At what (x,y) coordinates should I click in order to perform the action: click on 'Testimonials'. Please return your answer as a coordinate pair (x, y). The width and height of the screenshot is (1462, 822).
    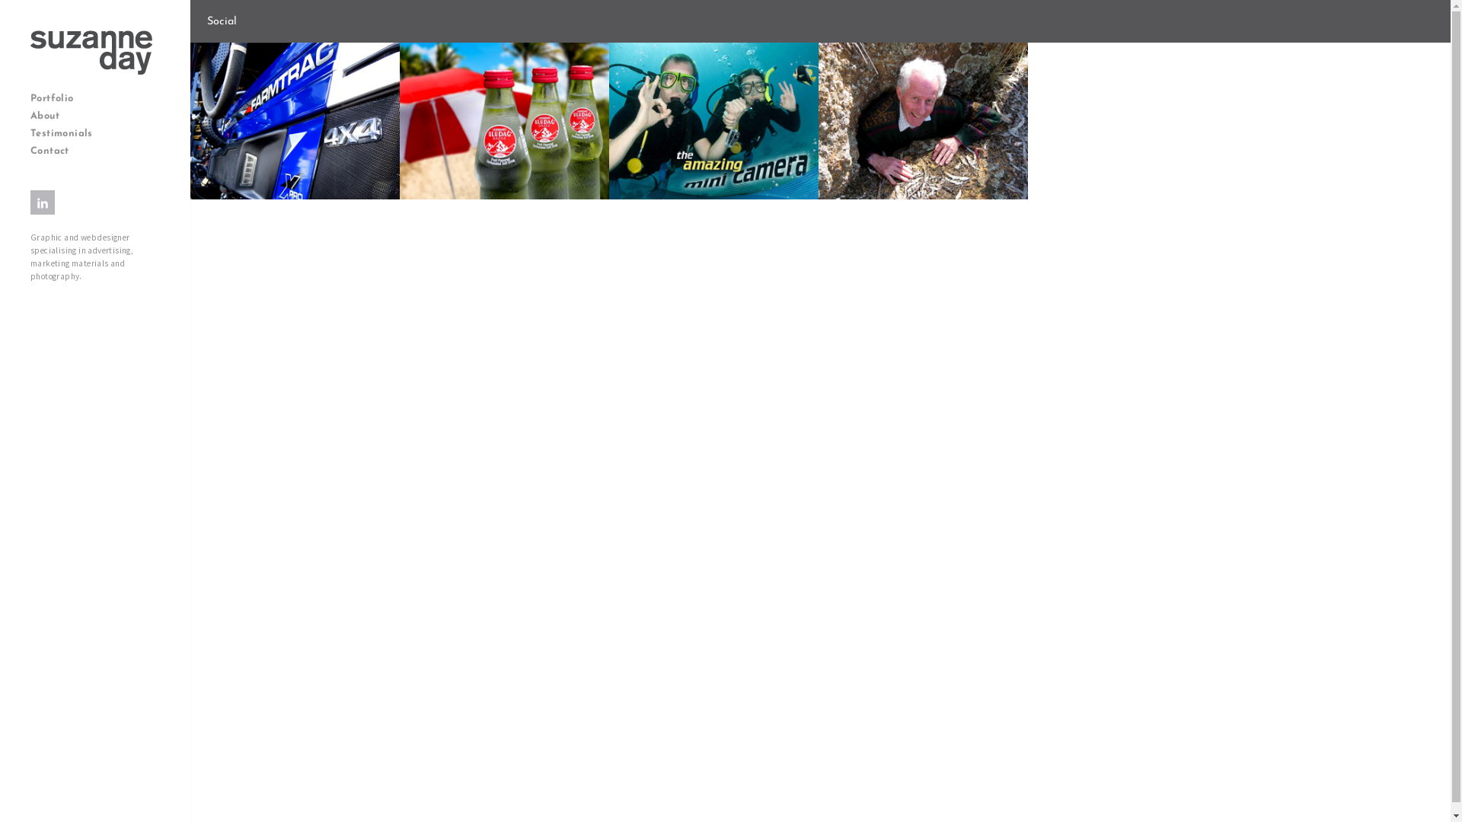
    Looking at the image, I should click on (96, 132).